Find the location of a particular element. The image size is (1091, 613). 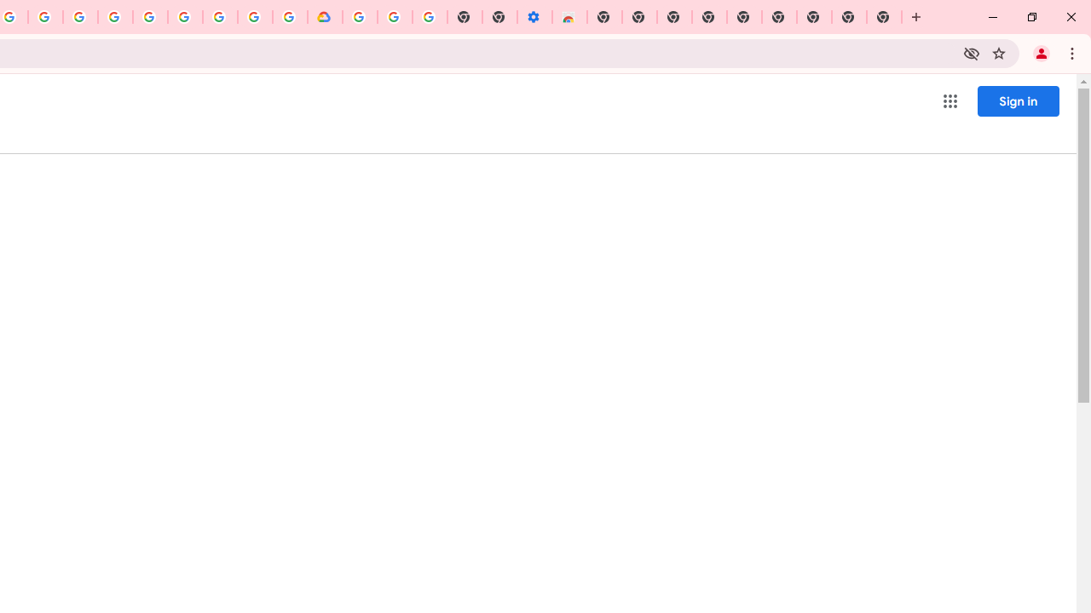

'Turn cookies on or off - Computer - Google Account Help' is located at coordinates (430, 17).